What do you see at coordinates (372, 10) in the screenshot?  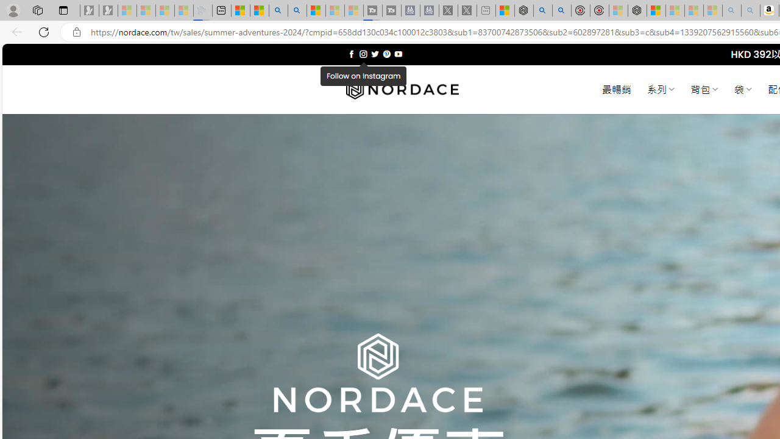 I see `'Streaming Coverage | T3 - Sleeping'` at bounding box center [372, 10].